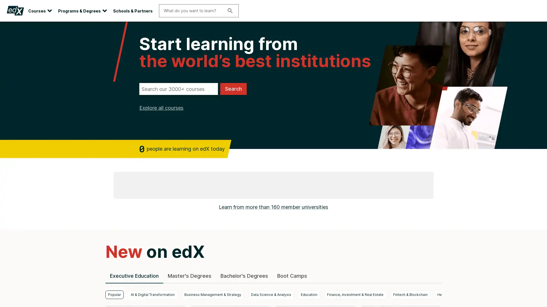 This screenshot has width=547, height=307. I want to click on next, so click(439, 194).